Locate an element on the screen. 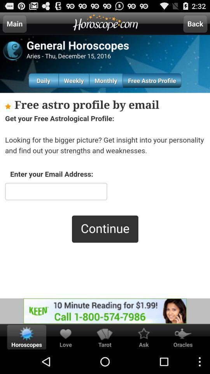 This screenshot has width=210, height=374. description is located at coordinates (105, 195).